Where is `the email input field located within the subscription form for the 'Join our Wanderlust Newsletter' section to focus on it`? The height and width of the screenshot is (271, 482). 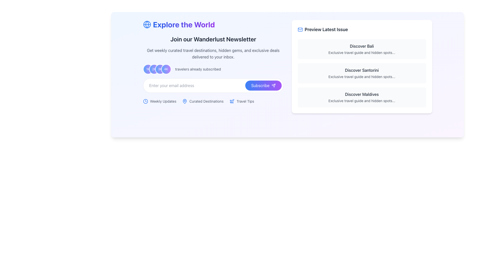
the email input field located within the subscription form for the 'Join our Wanderlust Newsletter' section to focus on it is located at coordinates (213, 85).